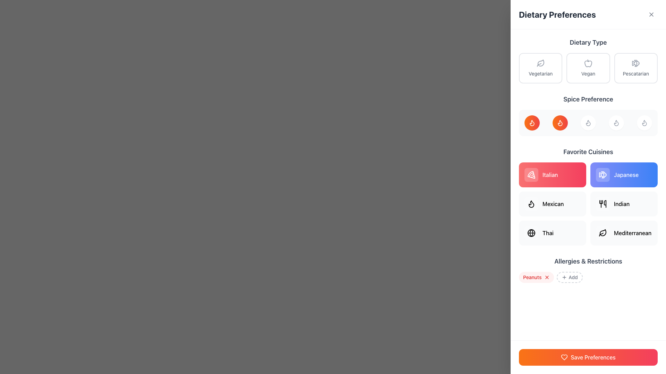  I want to click on the 'Japanese' cuisine button located in the 'Favorite Cuisines' section, positioned in the top-right corner of the button grid, so click(624, 175).